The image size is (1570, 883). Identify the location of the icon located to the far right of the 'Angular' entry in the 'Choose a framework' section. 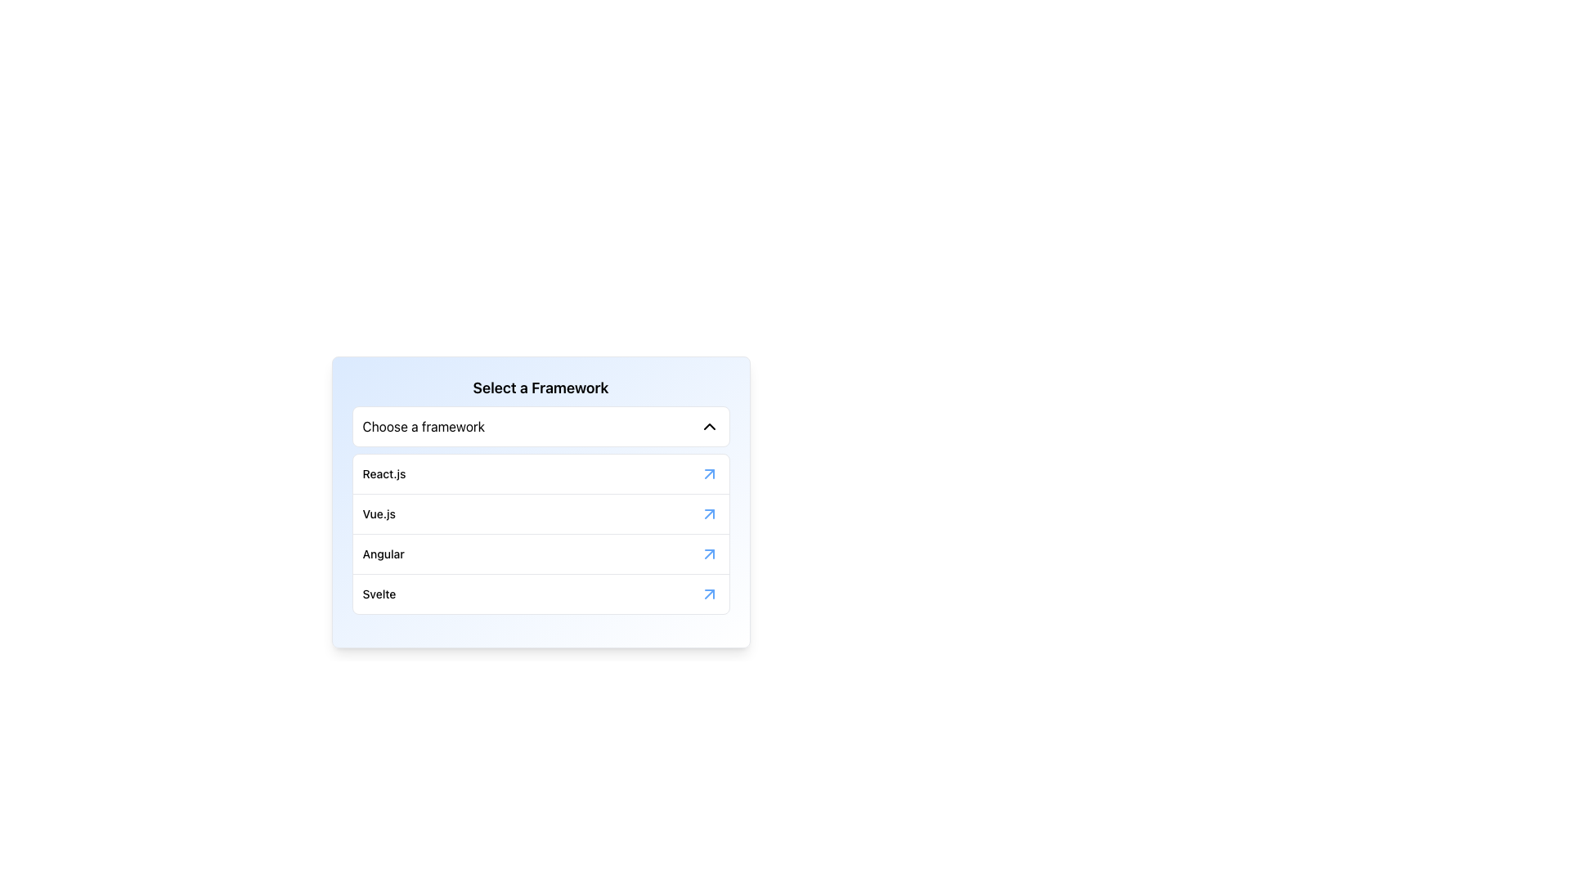
(709, 554).